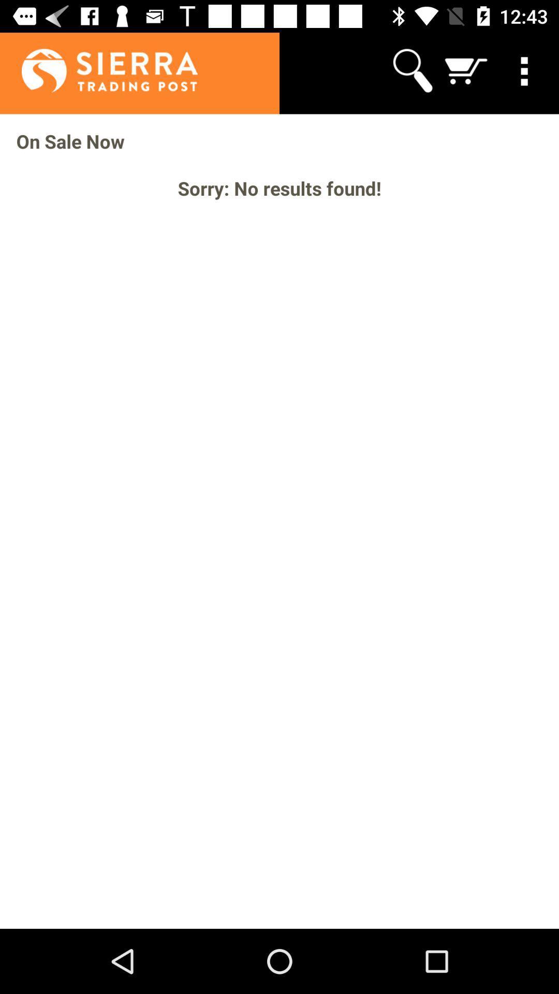  Describe the element at coordinates (98, 70) in the screenshot. I see `app above on sale now icon` at that location.